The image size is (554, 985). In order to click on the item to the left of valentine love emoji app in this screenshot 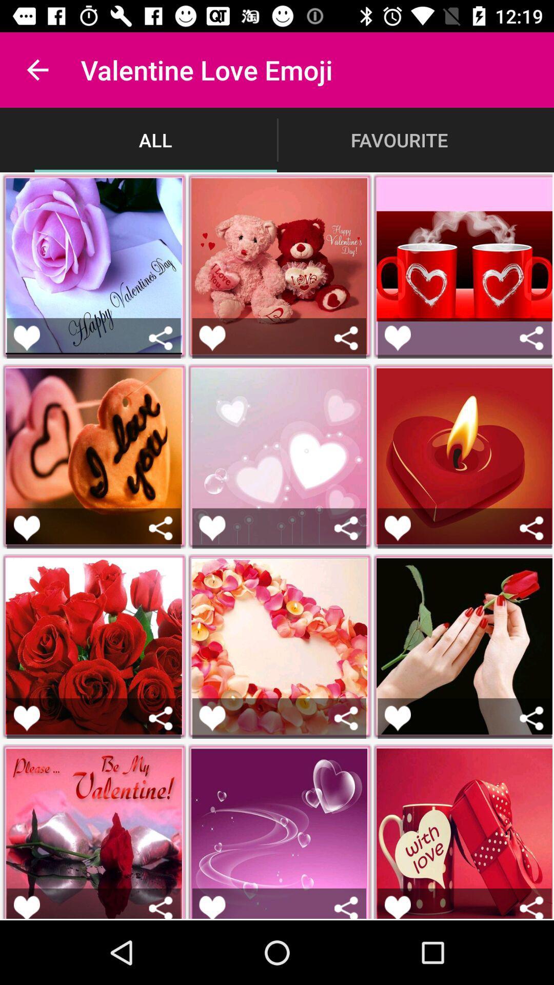, I will do `click(37, 69)`.